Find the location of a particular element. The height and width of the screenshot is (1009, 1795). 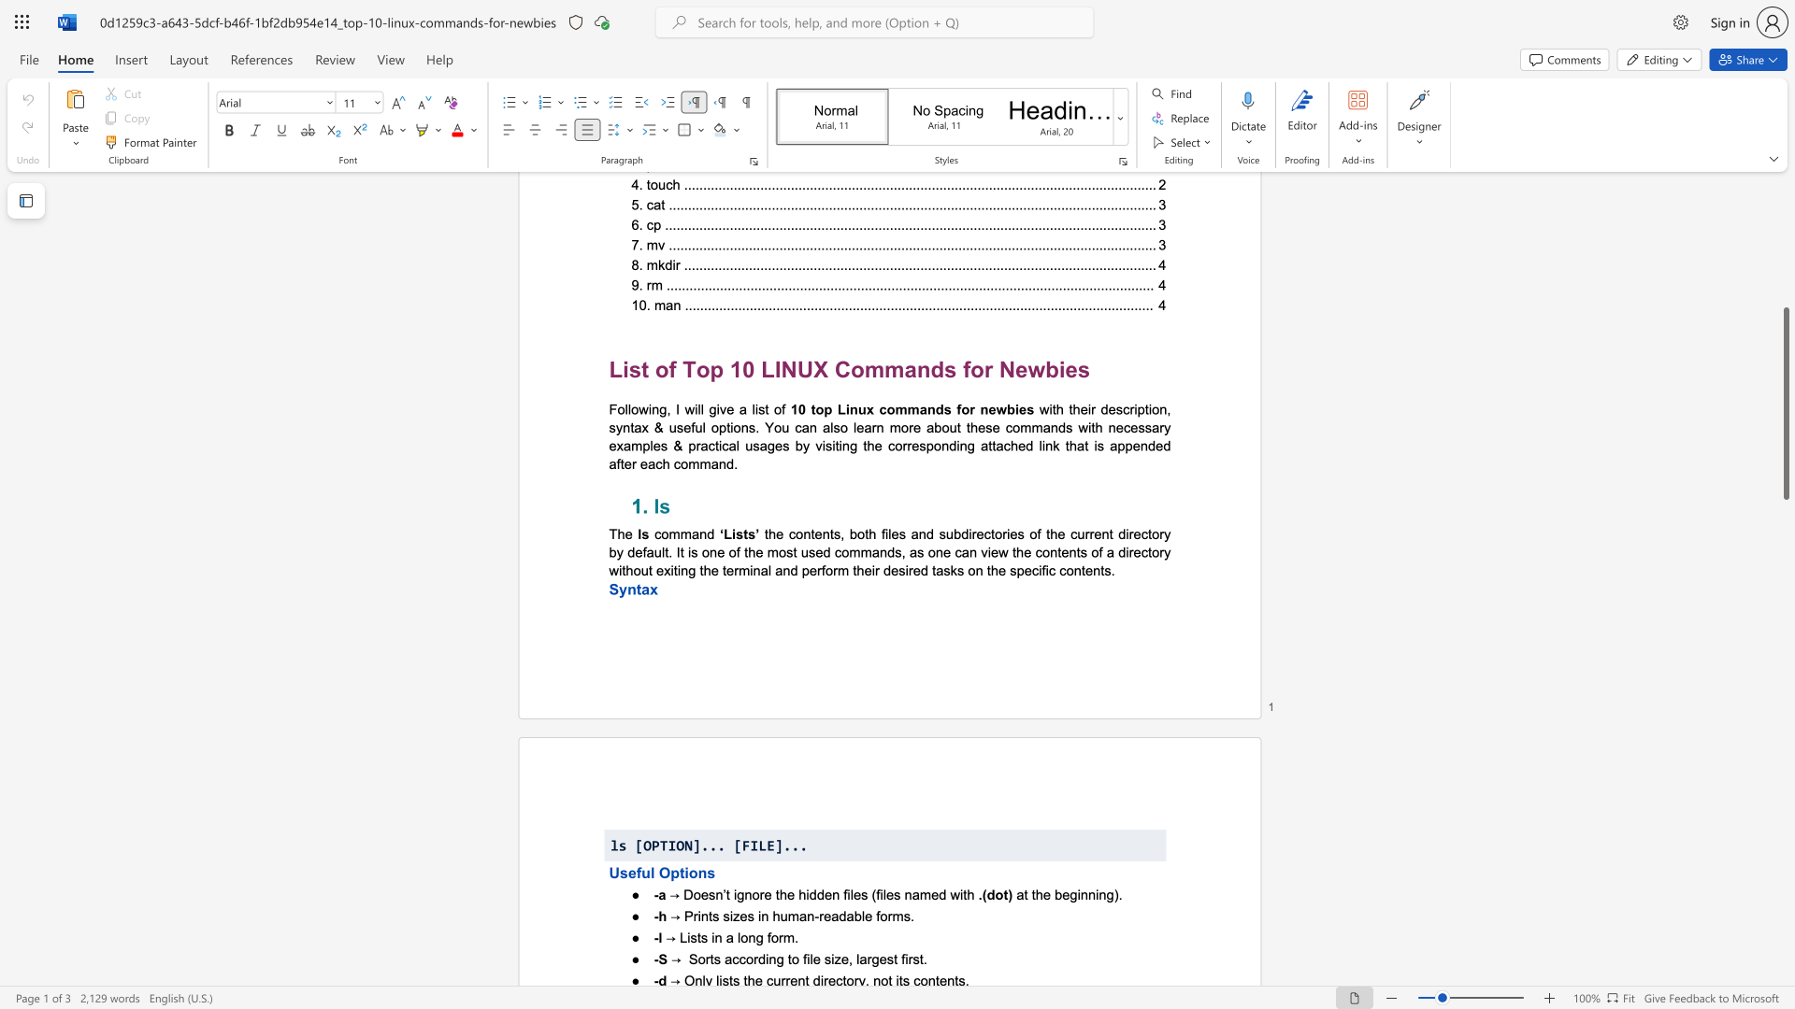

the scrollbar to scroll the page up is located at coordinates (1785, 334).